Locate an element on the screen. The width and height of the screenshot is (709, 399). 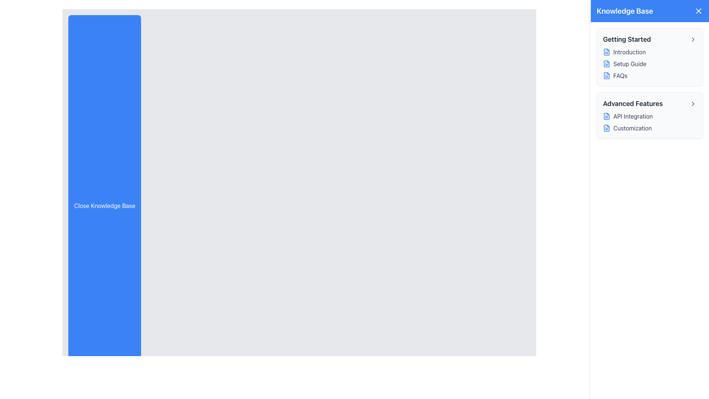
the small blue icon representing a file document with a text-like symbol, located next to the text 'Customization' in the right-side panel is located at coordinates (606, 128).